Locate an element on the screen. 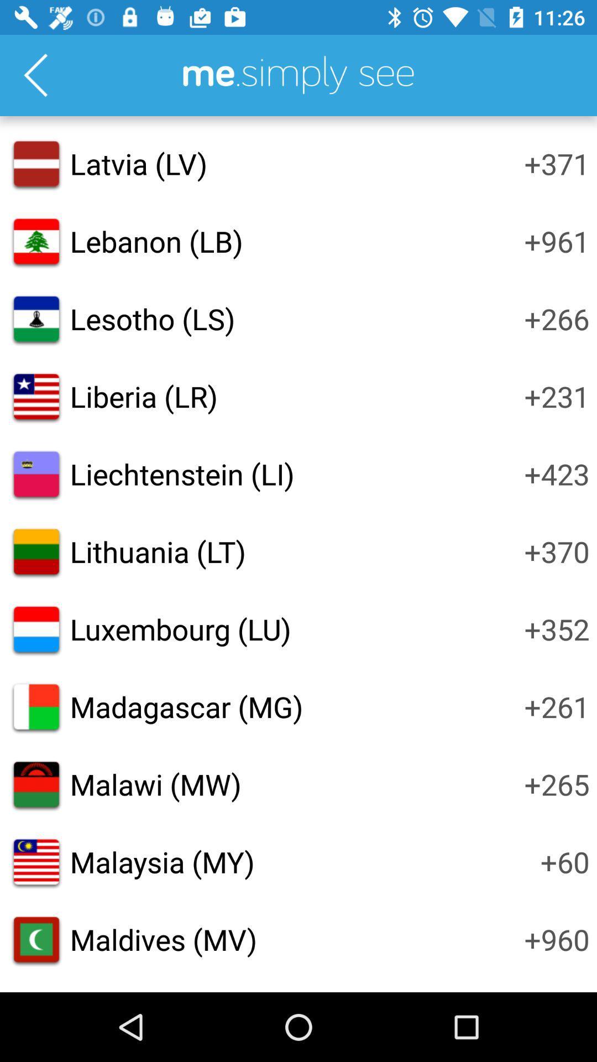 This screenshot has height=1062, width=597. go back is located at coordinates (35, 75).